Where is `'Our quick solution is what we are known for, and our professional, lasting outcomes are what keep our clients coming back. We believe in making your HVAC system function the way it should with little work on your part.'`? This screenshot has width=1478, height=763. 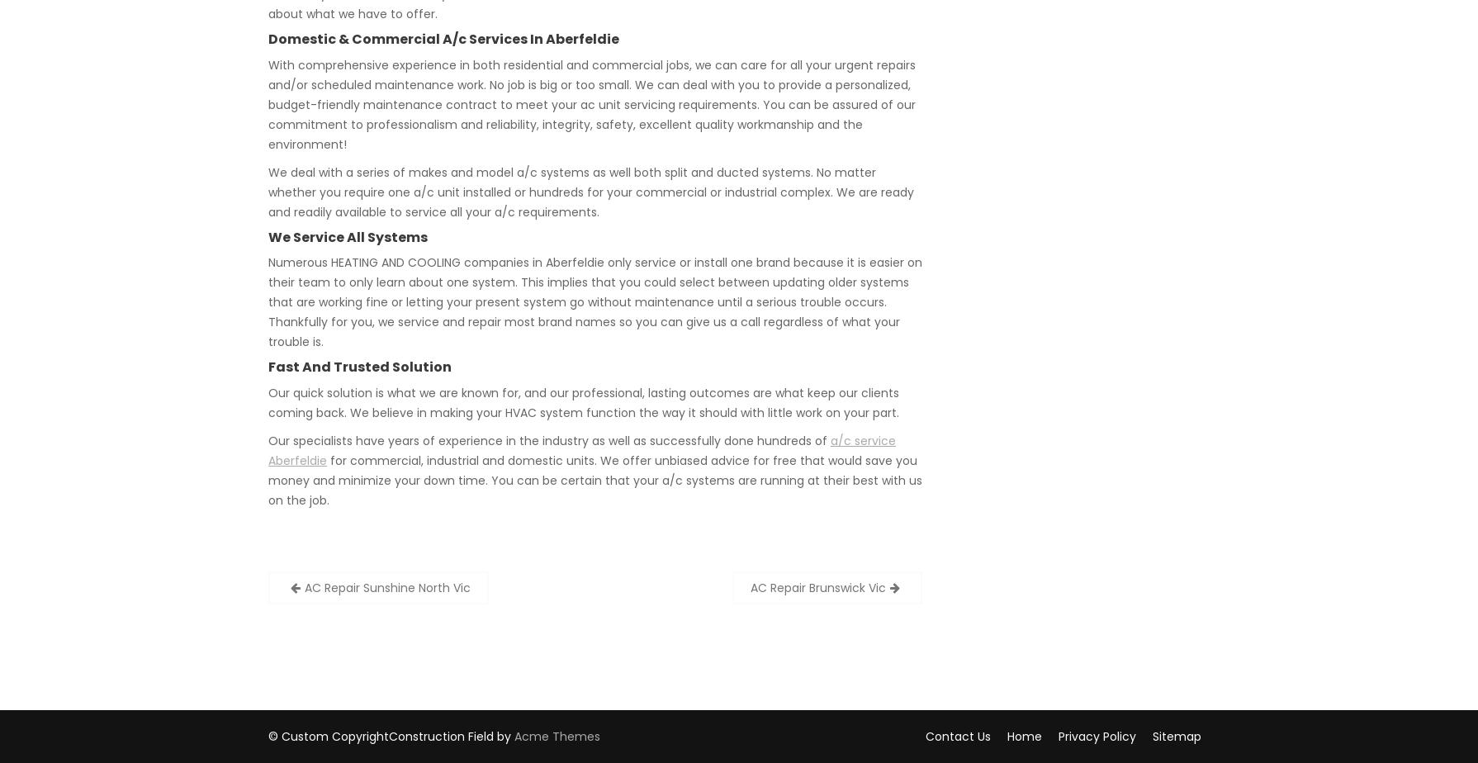 'Our quick solution is what we are known for, and our professional, lasting outcomes are what keep our clients coming back. We believe in making your HVAC system function the way it should with little work on your part.' is located at coordinates (268, 402).